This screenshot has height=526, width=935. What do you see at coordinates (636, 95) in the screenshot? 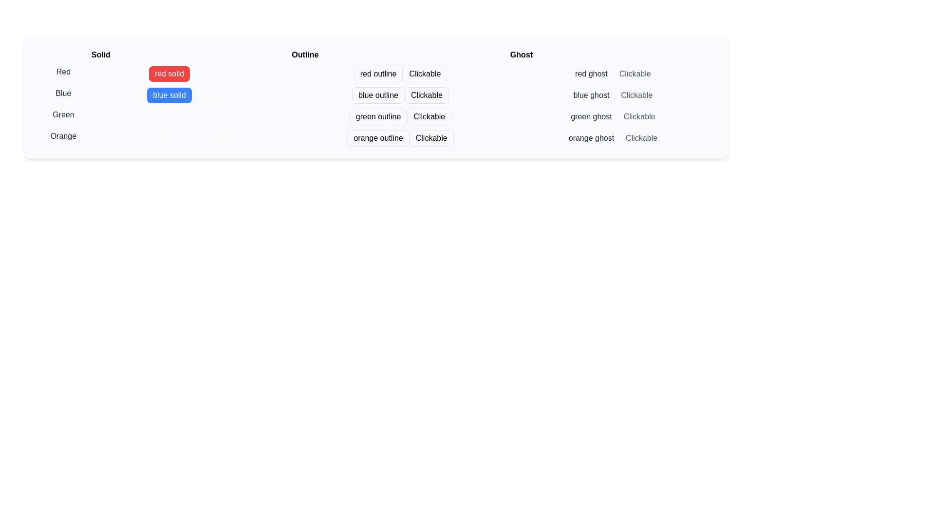
I see `the text label reading 'Clickable' which is styled with a light gray color and located in the 'Ghost' category, specifically to the right of the 'blue ghost' label` at bounding box center [636, 95].